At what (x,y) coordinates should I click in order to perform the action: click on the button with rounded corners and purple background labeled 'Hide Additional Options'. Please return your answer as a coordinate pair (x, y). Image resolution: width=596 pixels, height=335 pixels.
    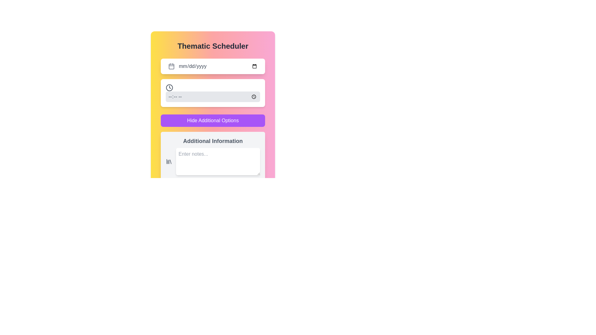
    Looking at the image, I should click on (213, 121).